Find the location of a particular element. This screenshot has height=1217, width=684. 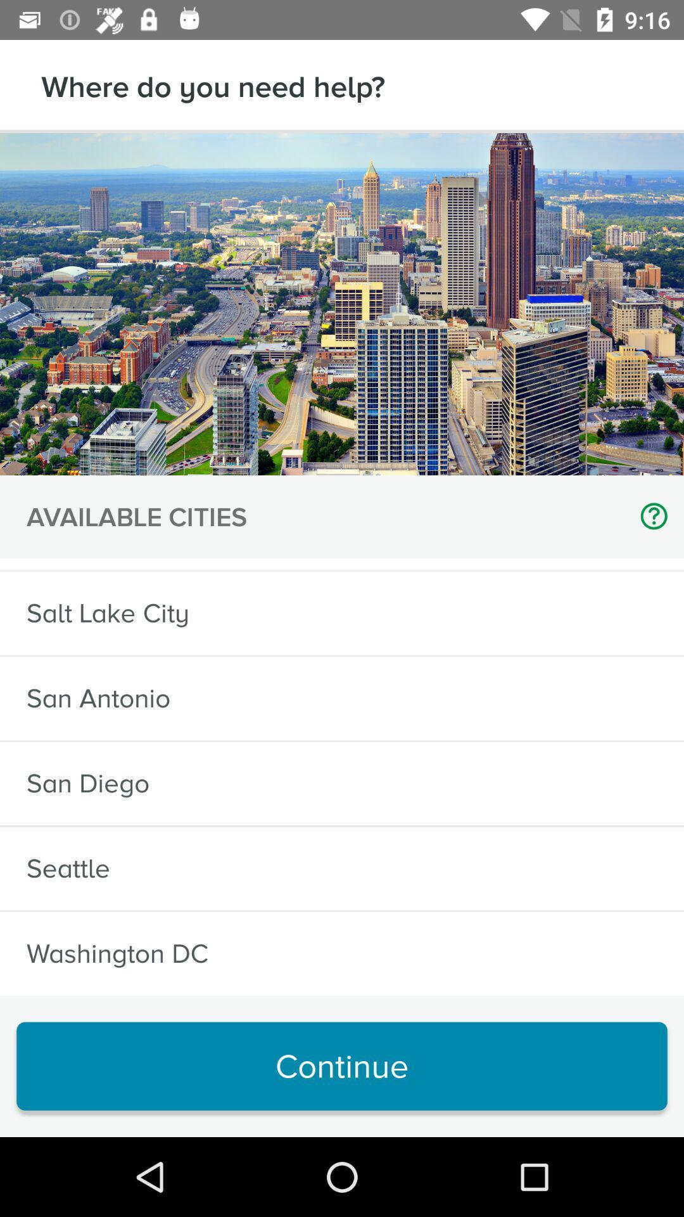

the item below the salt lake city item is located at coordinates (98, 698).